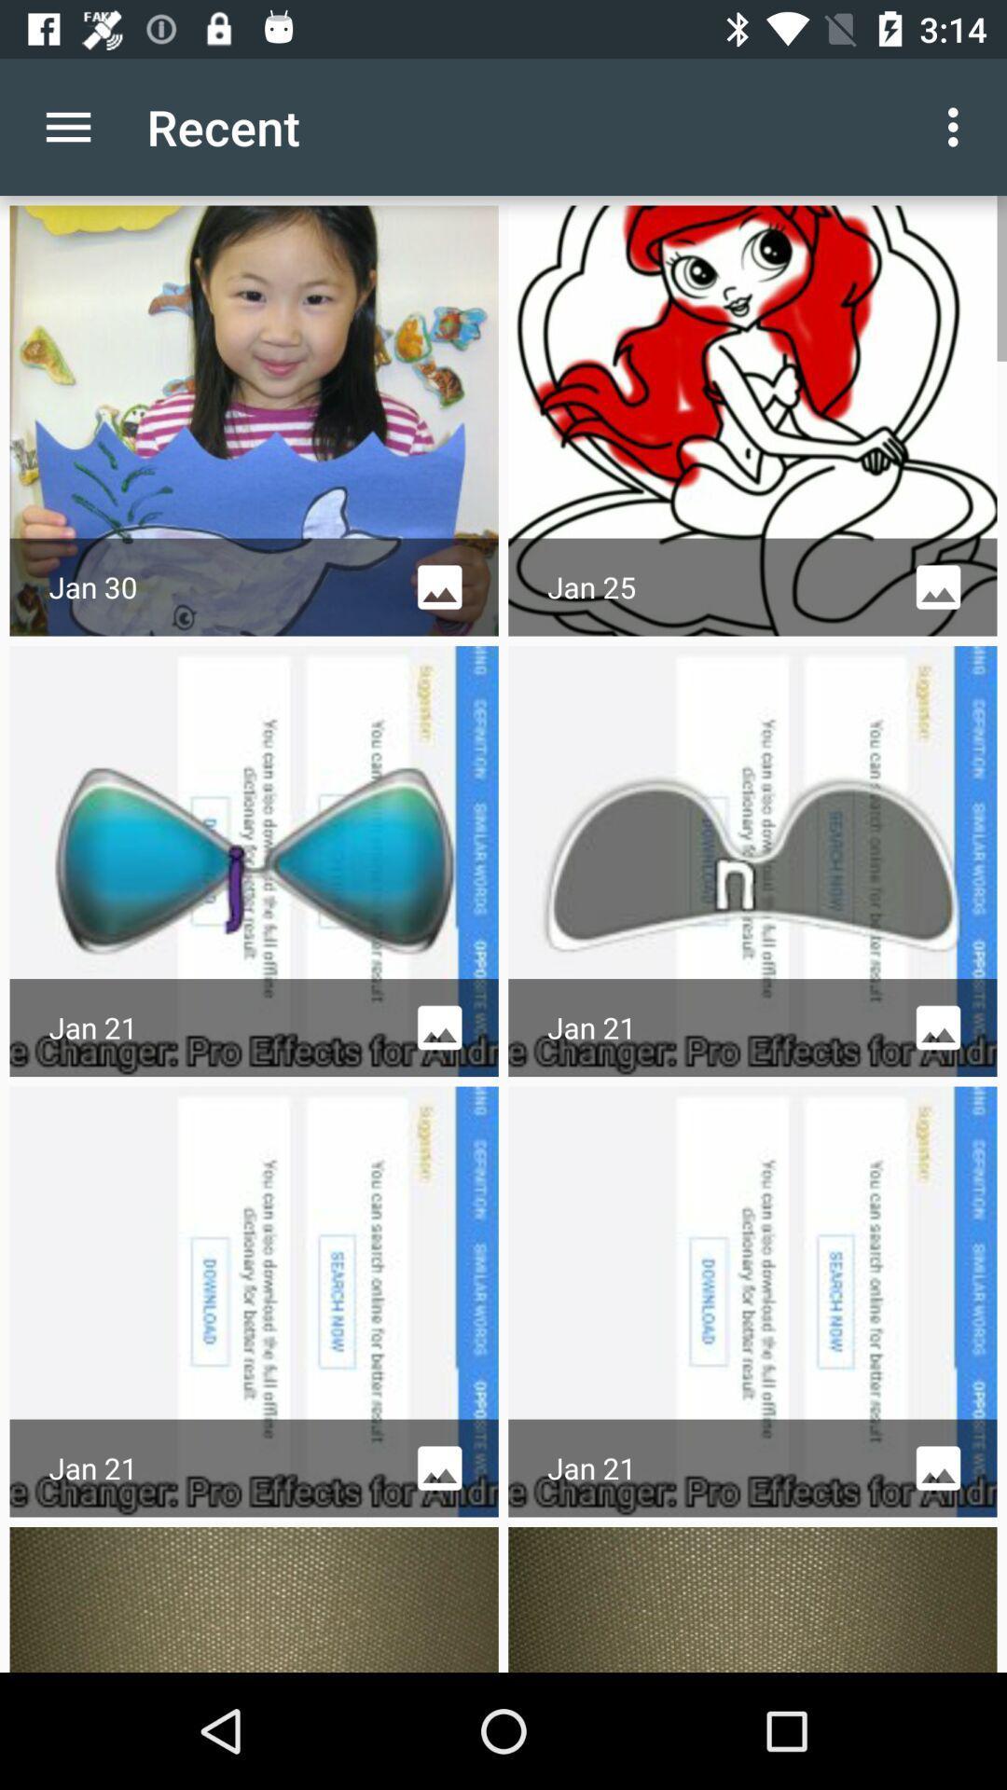 The image size is (1007, 1790). I want to click on icon next to the recent app, so click(67, 126).